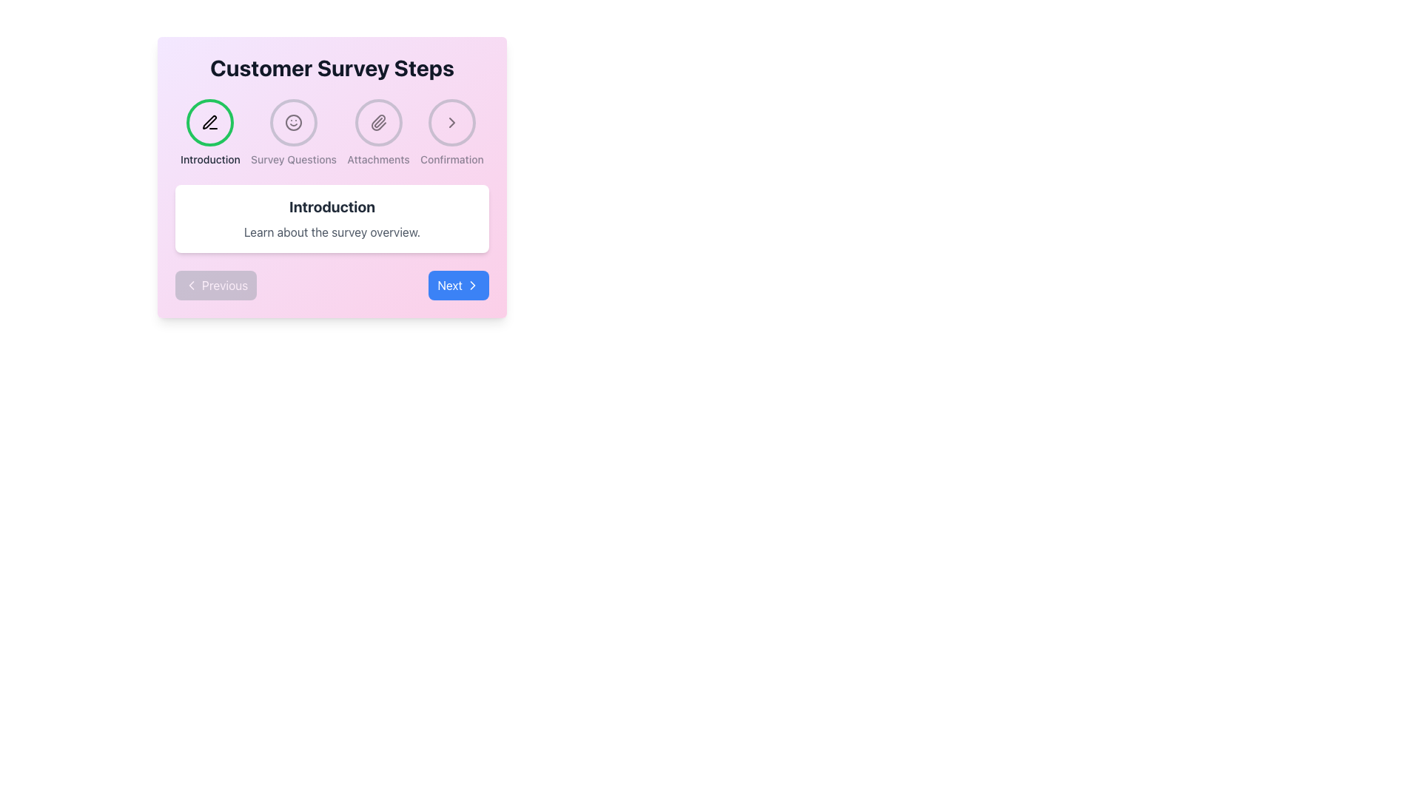  What do you see at coordinates (332, 232) in the screenshot?
I see `the static text element that reads 'Learn about the survey overview.' which is located beneath the bold 'Introduction' heading within a white box` at bounding box center [332, 232].